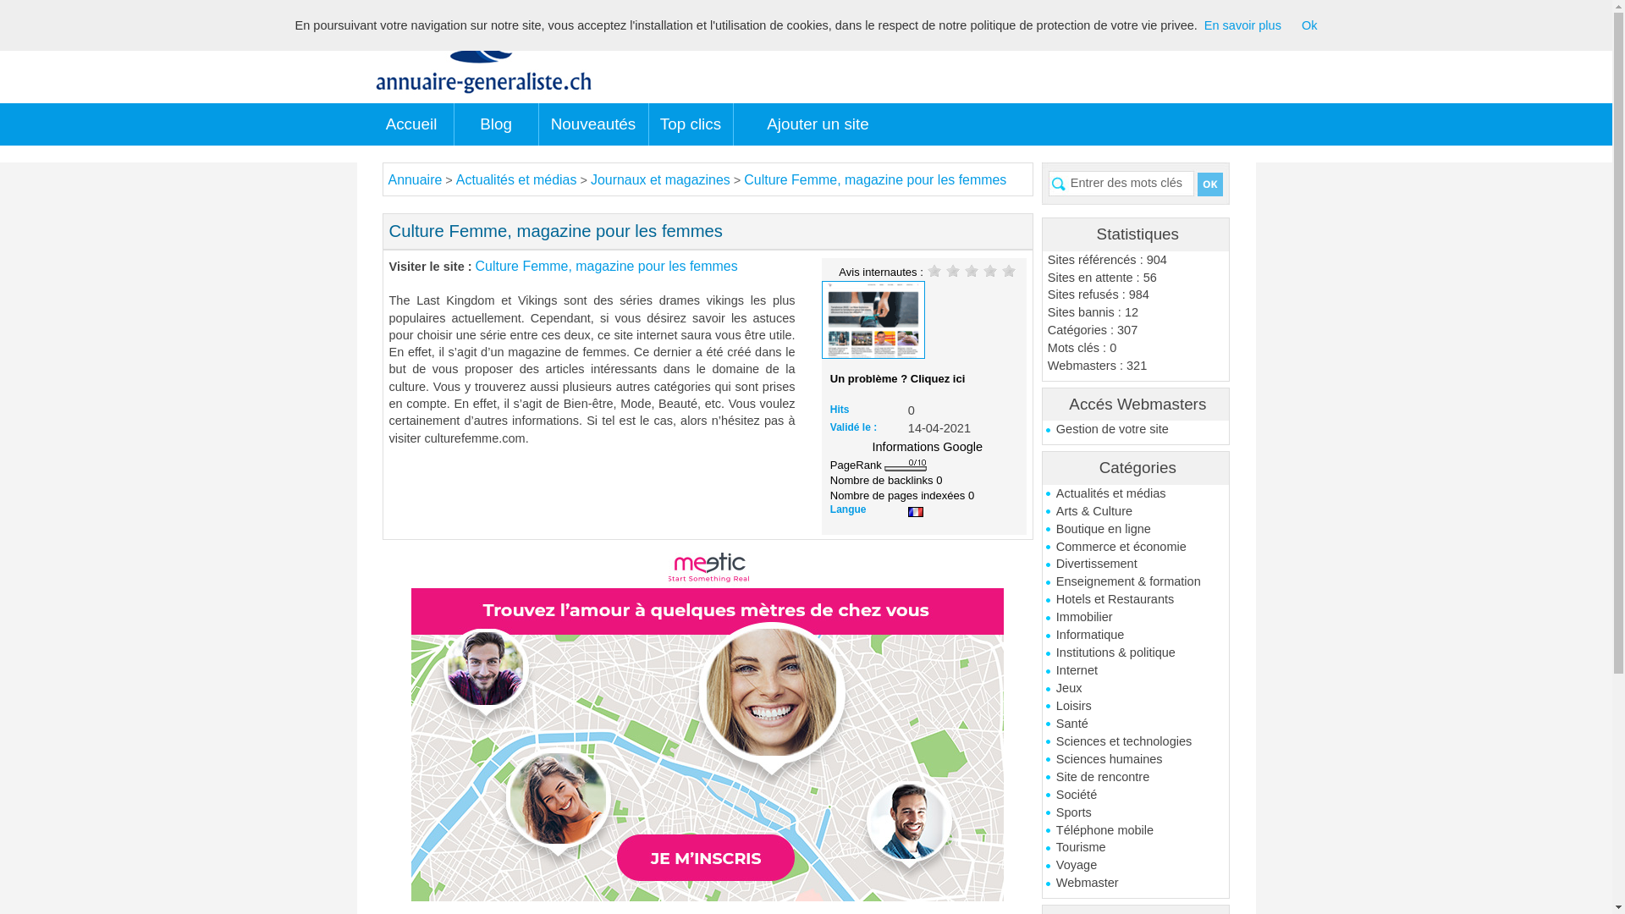 This screenshot has width=1625, height=914. What do you see at coordinates (1136, 581) in the screenshot?
I see `'Enseignement & formation'` at bounding box center [1136, 581].